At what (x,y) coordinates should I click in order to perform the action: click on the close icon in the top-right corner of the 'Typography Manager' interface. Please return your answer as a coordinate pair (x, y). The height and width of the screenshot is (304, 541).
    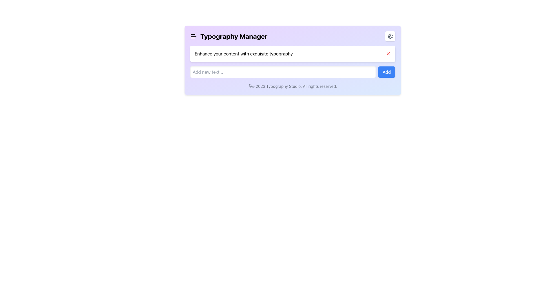
    Looking at the image, I should click on (388, 54).